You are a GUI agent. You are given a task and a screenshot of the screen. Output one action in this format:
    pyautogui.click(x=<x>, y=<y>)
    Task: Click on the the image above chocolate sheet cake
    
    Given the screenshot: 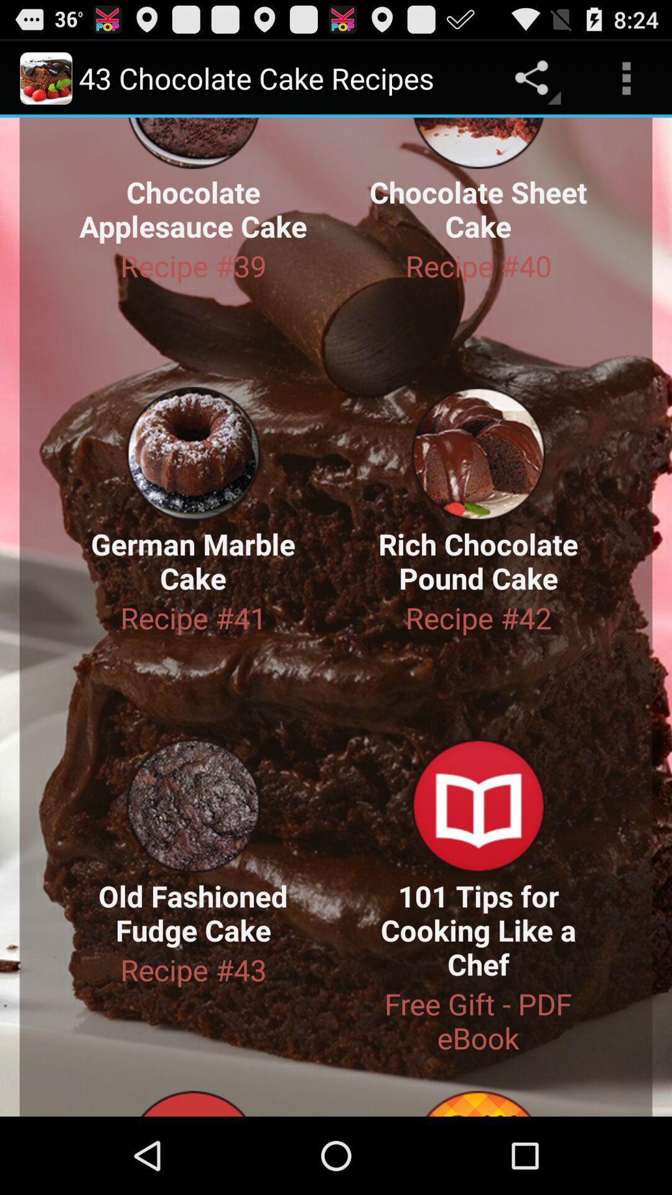 What is the action you would take?
    pyautogui.click(x=478, y=143)
    